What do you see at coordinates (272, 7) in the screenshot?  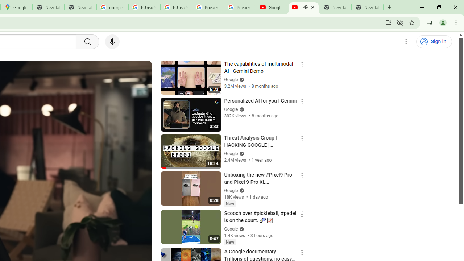 I see `'Google - YouTube'` at bounding box center [272, 7].